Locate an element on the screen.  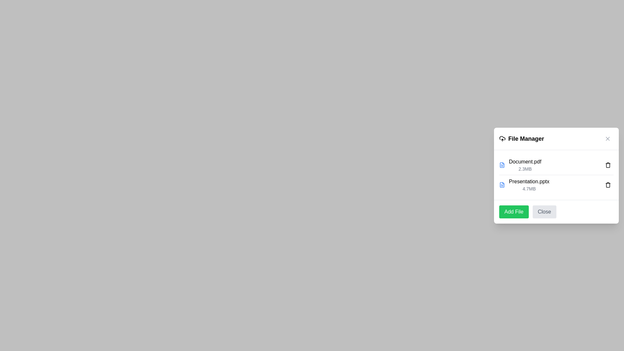
the first file entry in the file manager interface is located at coordinates (520, 164).